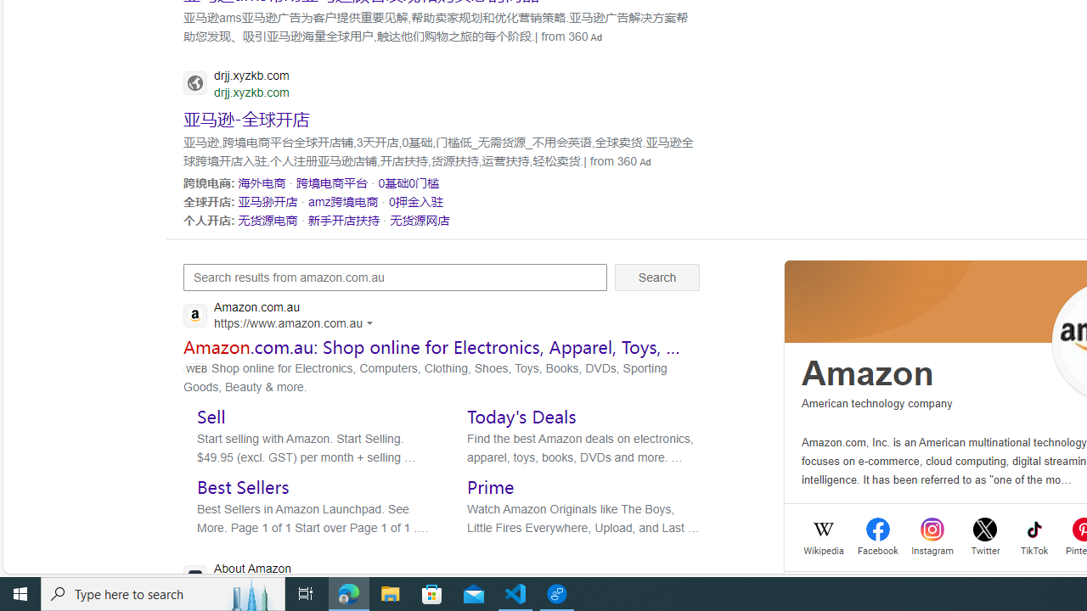 This screenshot has height=611, width=1087. Describe the element at coordinates (394, 276) in the screenshot. I see `'Search results from amazon.com.au'` at that location.